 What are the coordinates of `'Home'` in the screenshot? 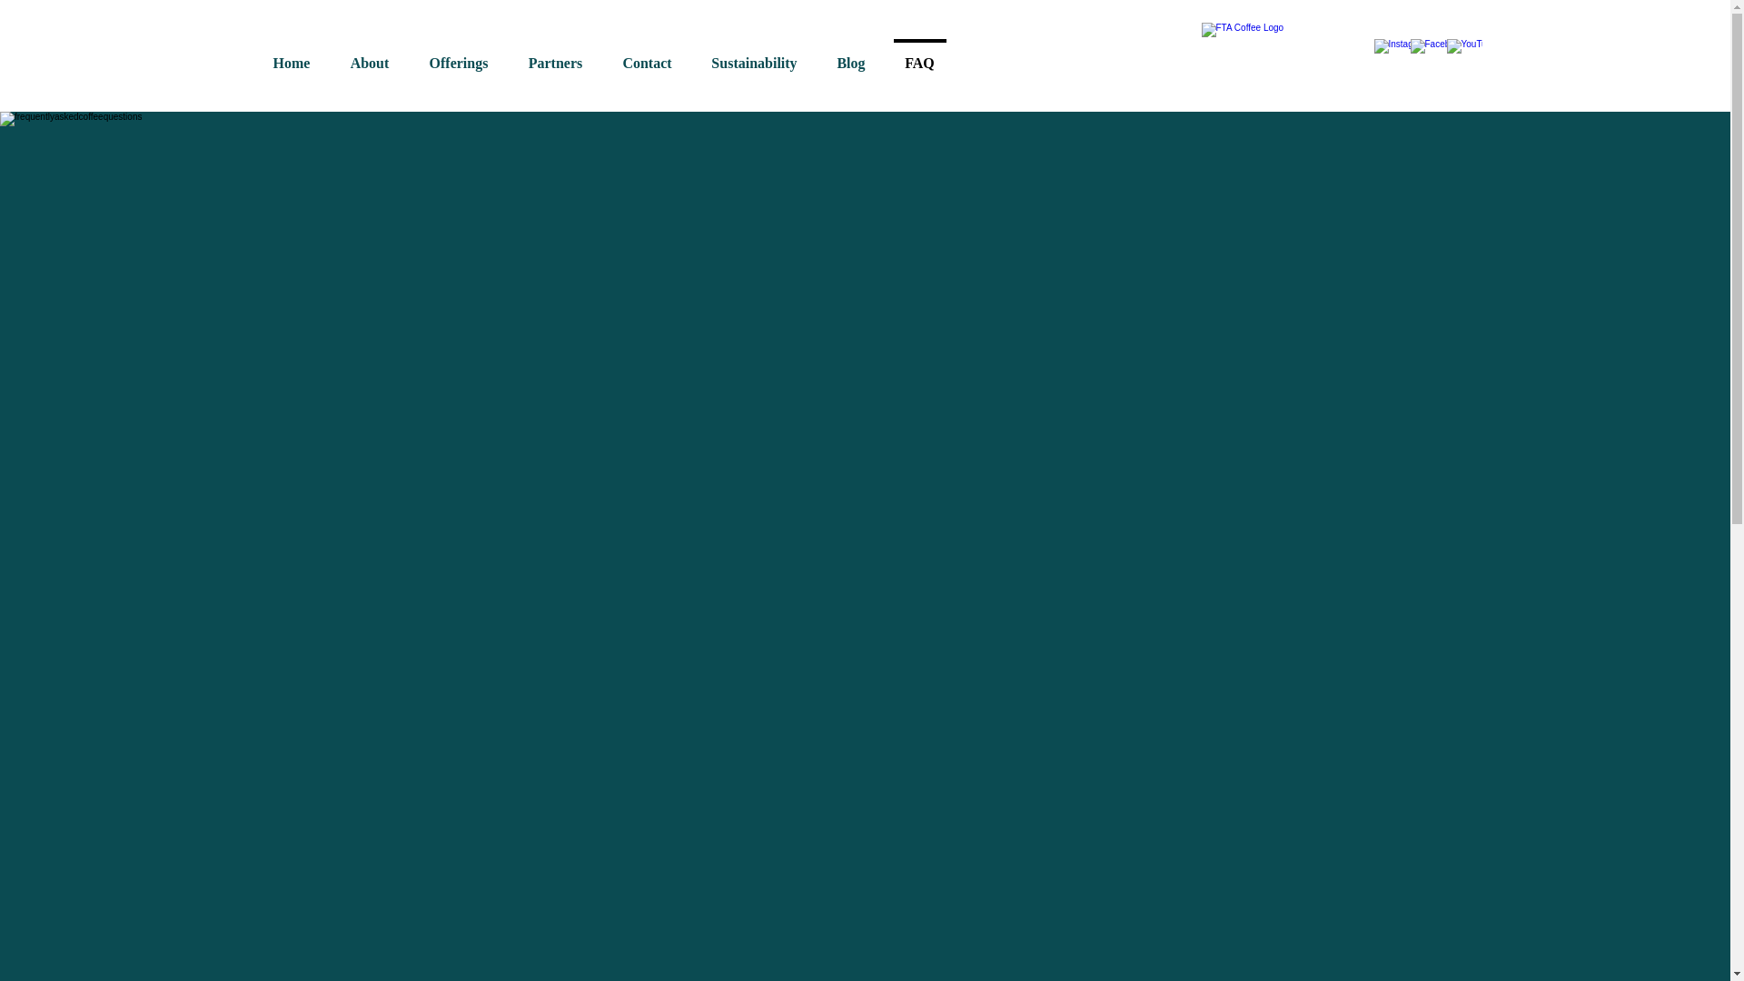 It's located at (291, 54).